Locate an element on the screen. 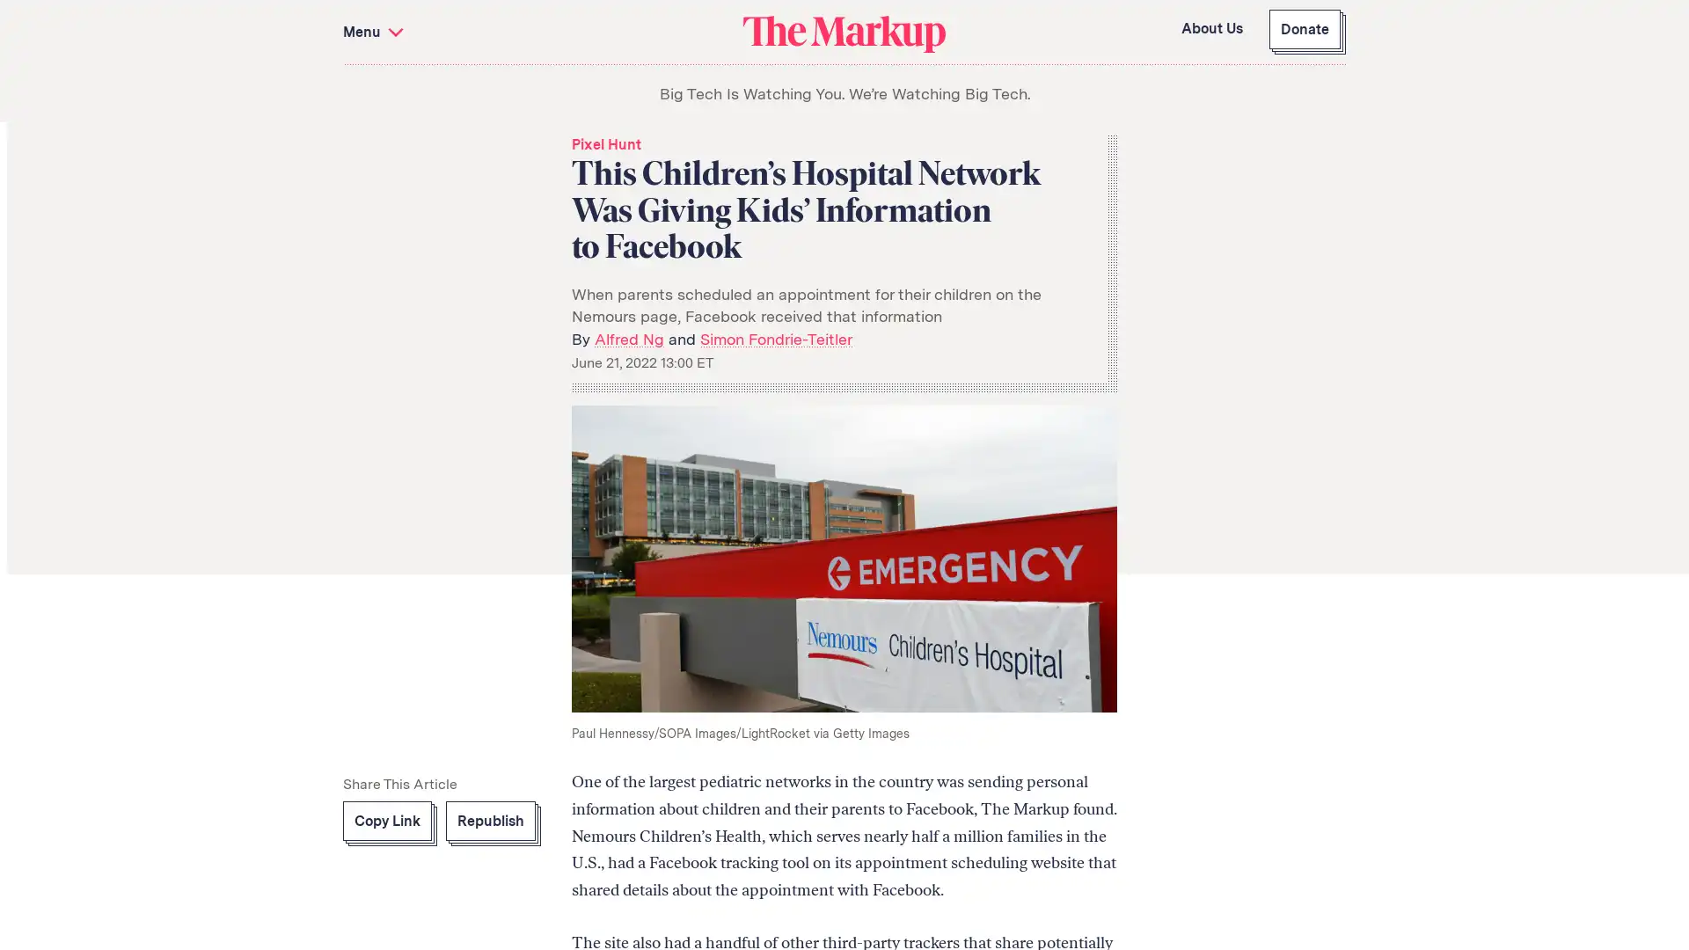 The height and width of the screenshot is (950, 1689). Subscribe is located at coordinates (1291, 842).